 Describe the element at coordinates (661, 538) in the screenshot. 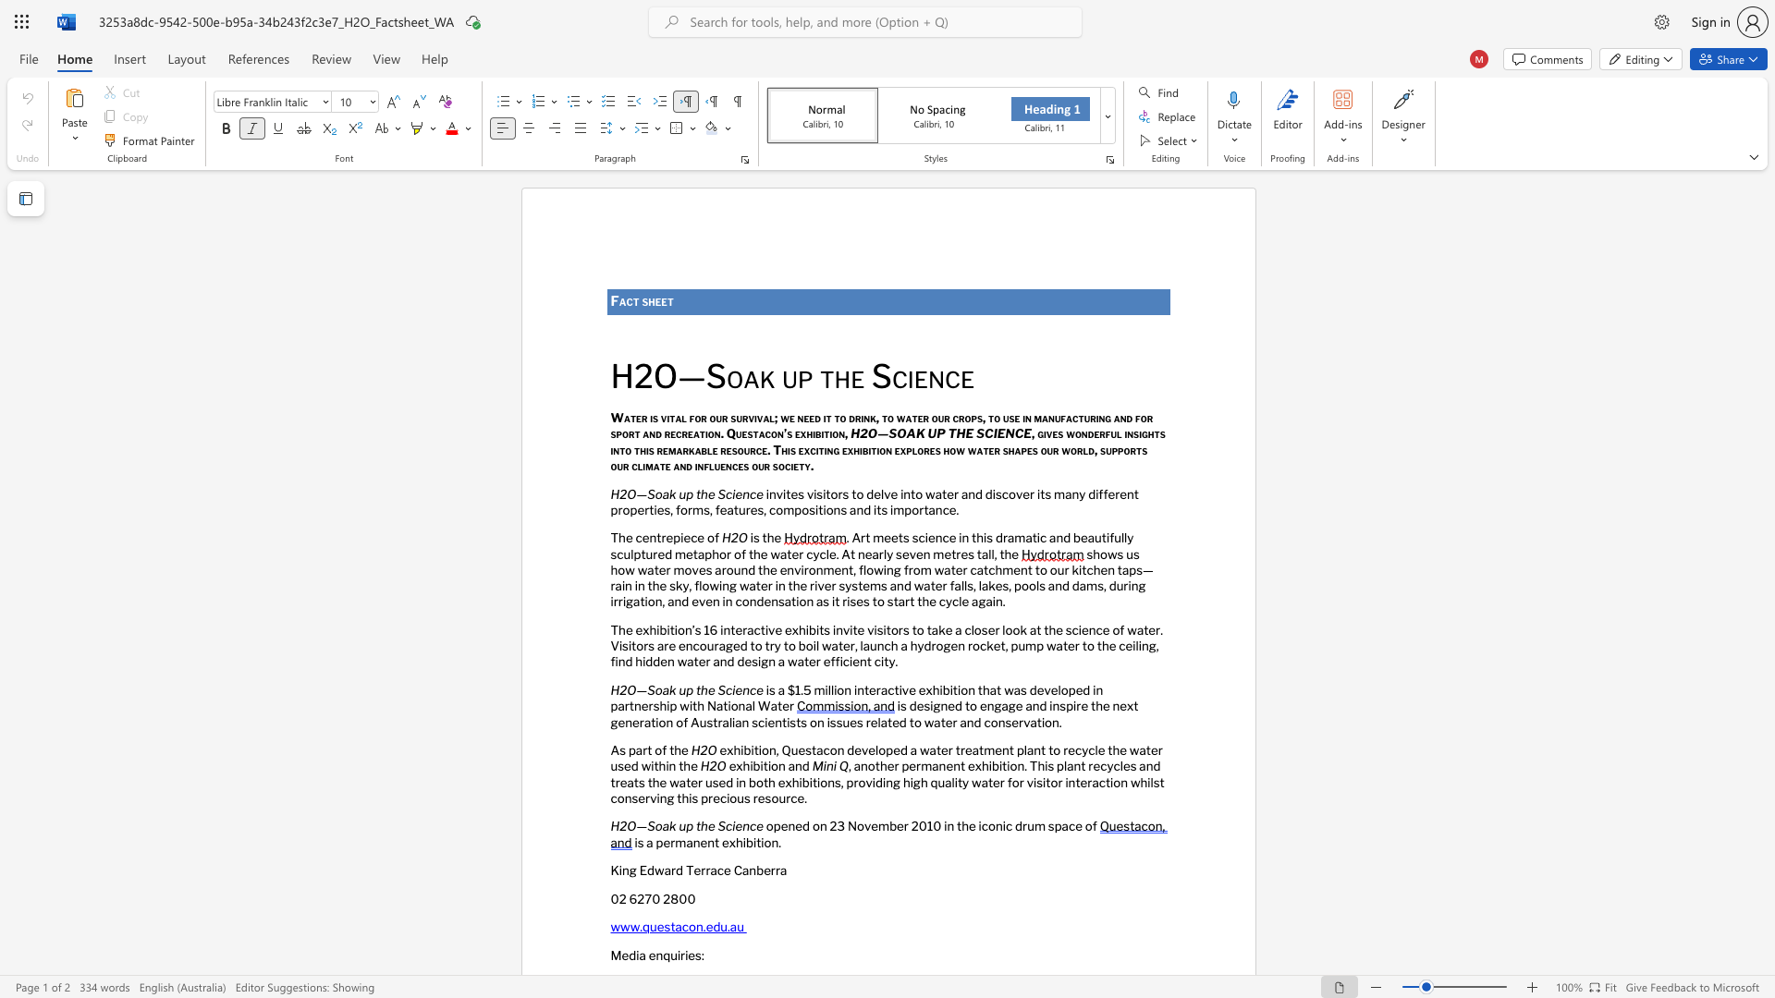

I see `the space between the continuous character "t" and "r" in the text` at that location.